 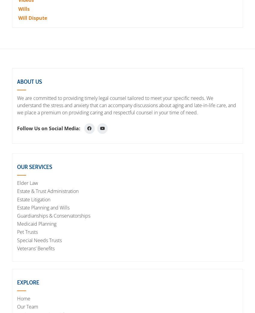 I want to click on 'Estate Litigation', so click(x=33, y=199).